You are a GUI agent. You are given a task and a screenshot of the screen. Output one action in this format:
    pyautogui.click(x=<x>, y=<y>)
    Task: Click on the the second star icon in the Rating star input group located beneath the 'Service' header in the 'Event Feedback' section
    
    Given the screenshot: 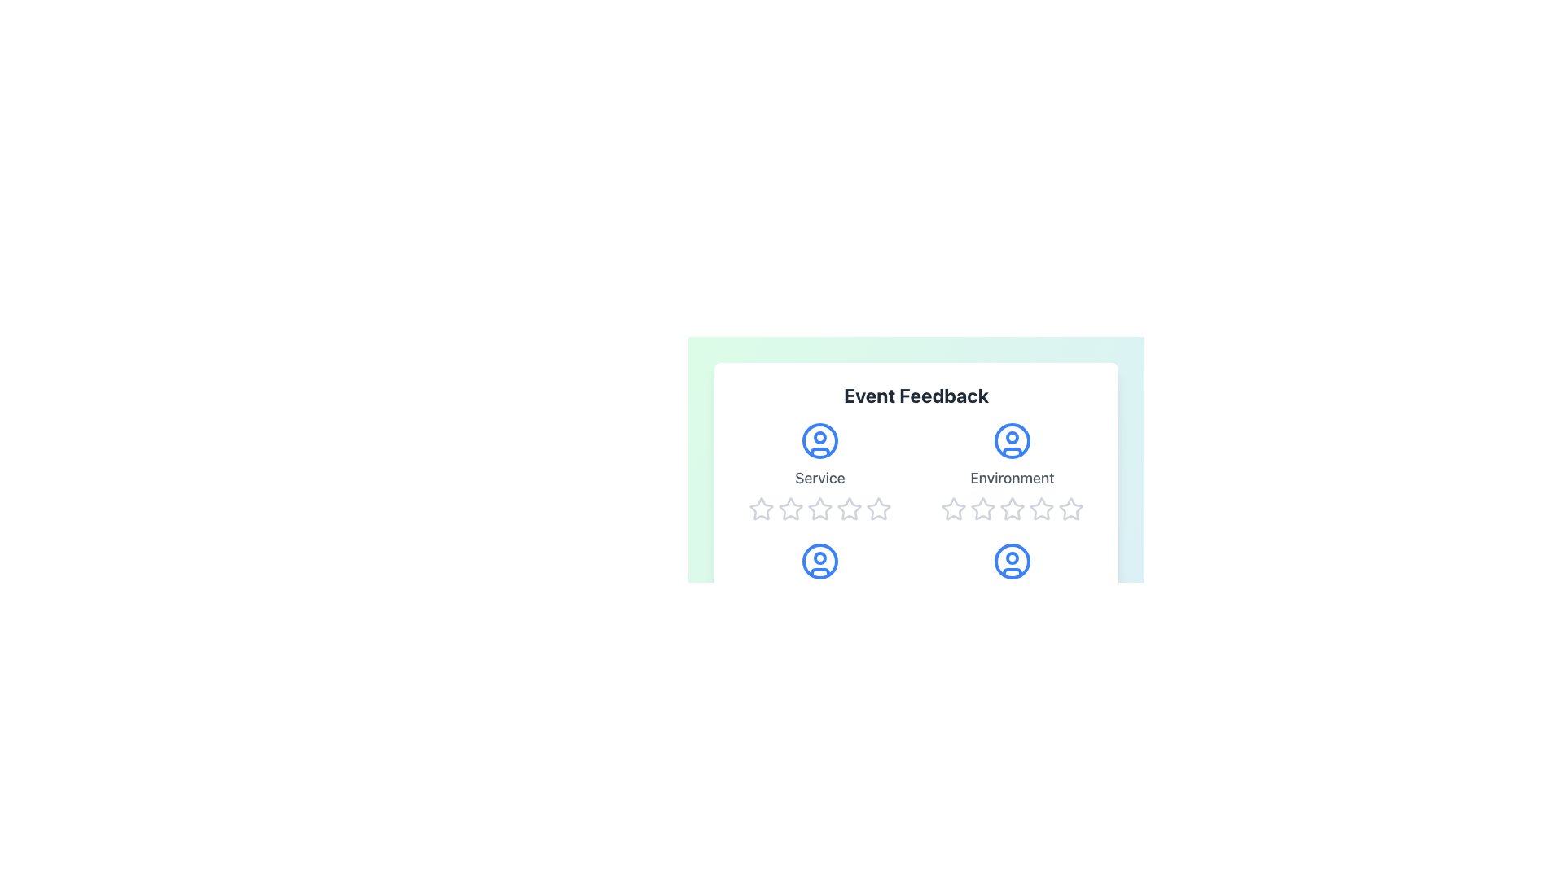 What is the action you would take?
    pyautogui.click(x=790, y=508)
    